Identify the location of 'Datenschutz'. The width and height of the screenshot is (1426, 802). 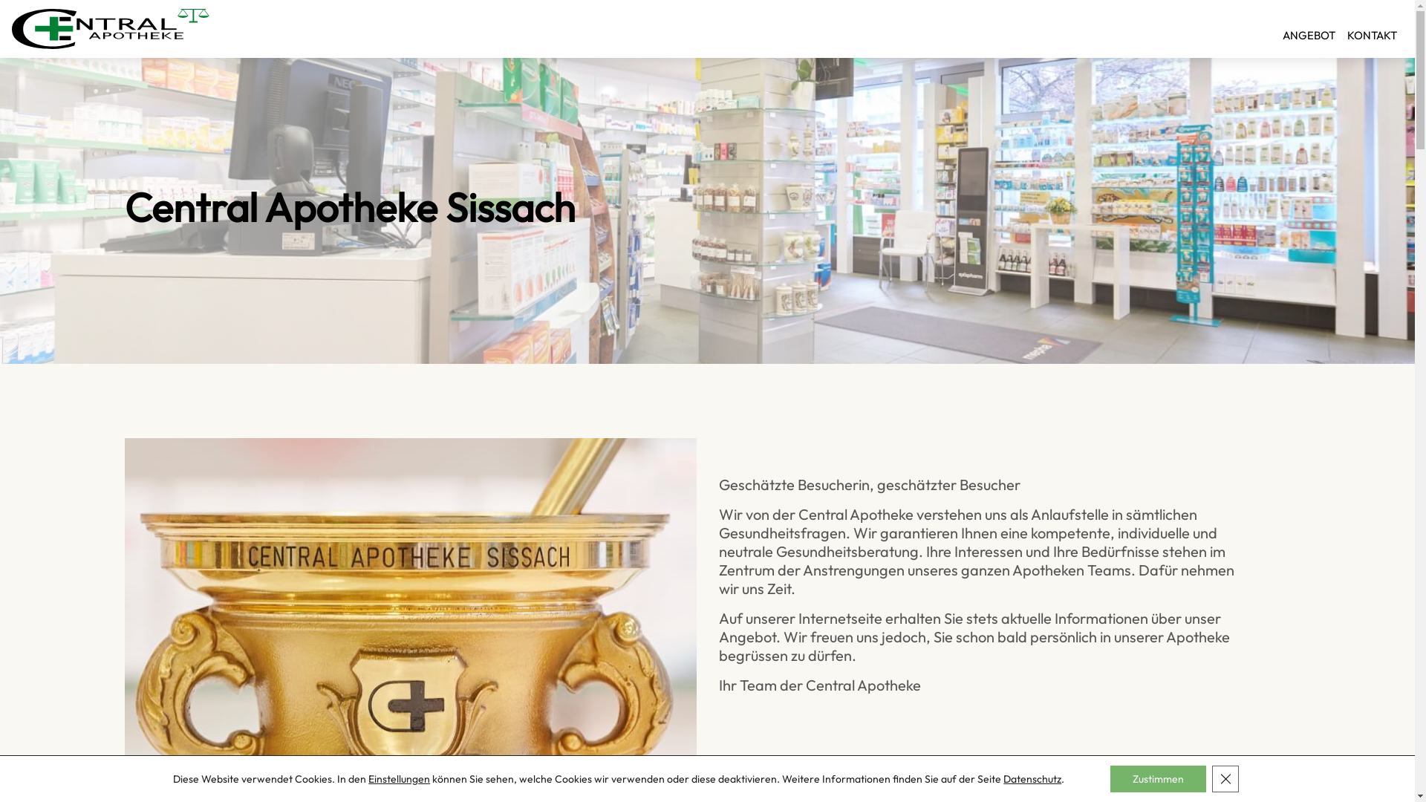
(1032, 778).